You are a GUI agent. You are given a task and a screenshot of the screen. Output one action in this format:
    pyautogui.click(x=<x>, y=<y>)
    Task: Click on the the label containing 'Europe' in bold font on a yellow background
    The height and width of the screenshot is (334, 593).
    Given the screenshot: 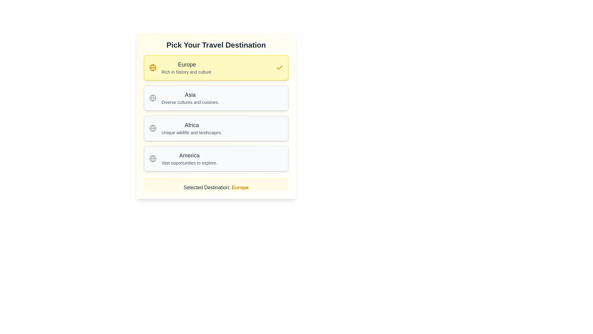 What is the action you would take?
    pyautogui.click(x=186, y=68)
    